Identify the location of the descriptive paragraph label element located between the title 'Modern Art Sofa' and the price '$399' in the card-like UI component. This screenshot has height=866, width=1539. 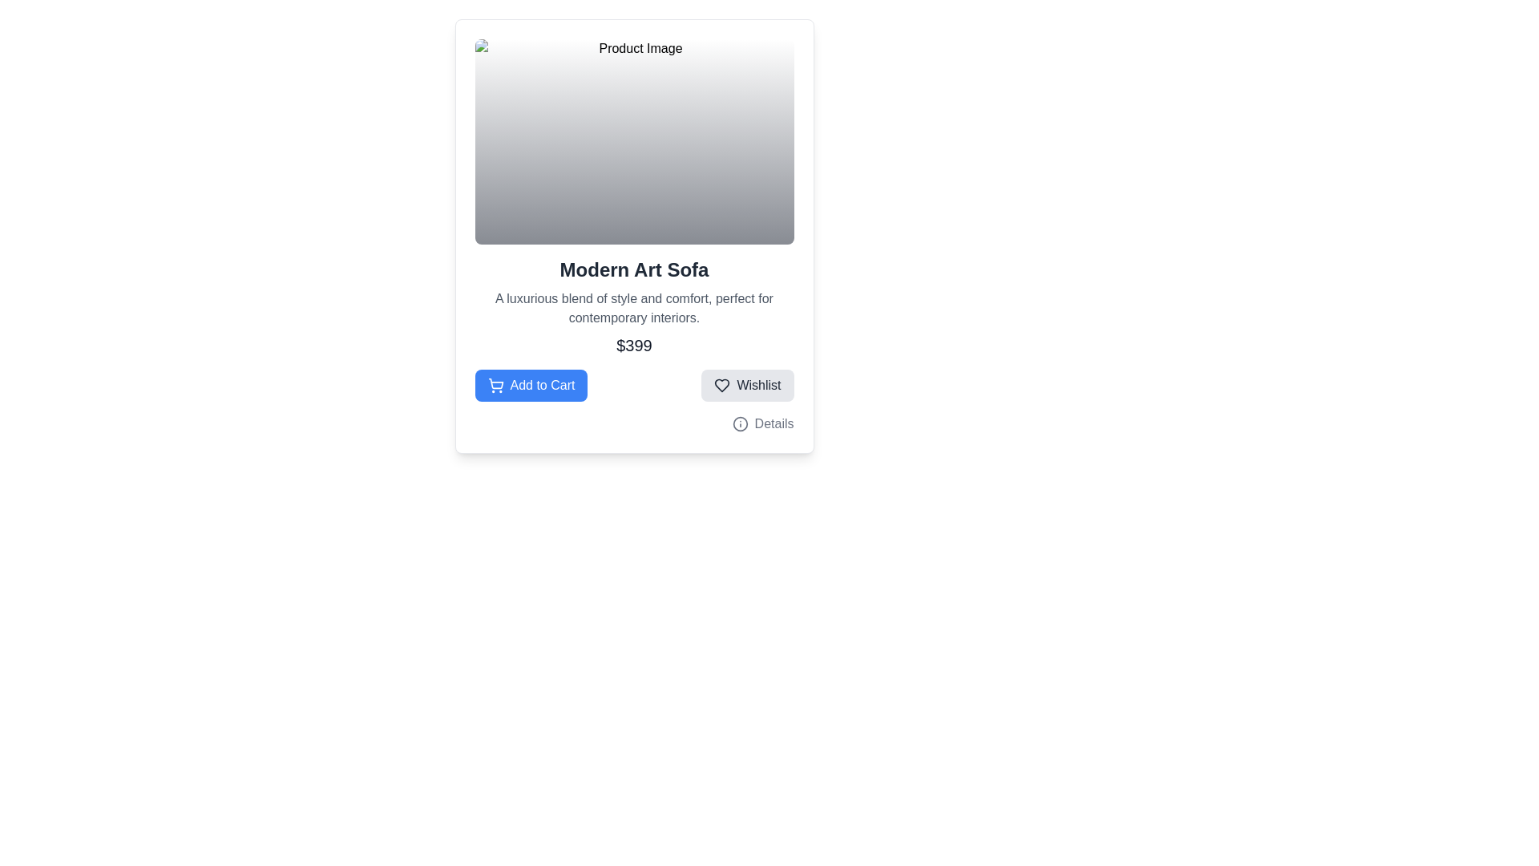
(633, 309).